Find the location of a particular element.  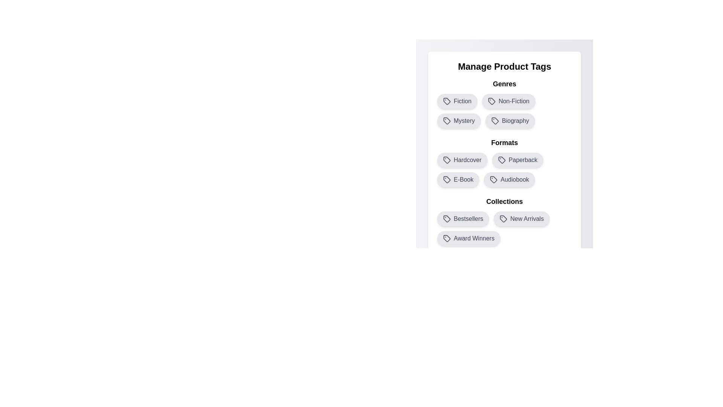

the 'Biography' button in the 'Genres' section of the 'Manage Product Tags' interface is located at coordinates (510, 120).